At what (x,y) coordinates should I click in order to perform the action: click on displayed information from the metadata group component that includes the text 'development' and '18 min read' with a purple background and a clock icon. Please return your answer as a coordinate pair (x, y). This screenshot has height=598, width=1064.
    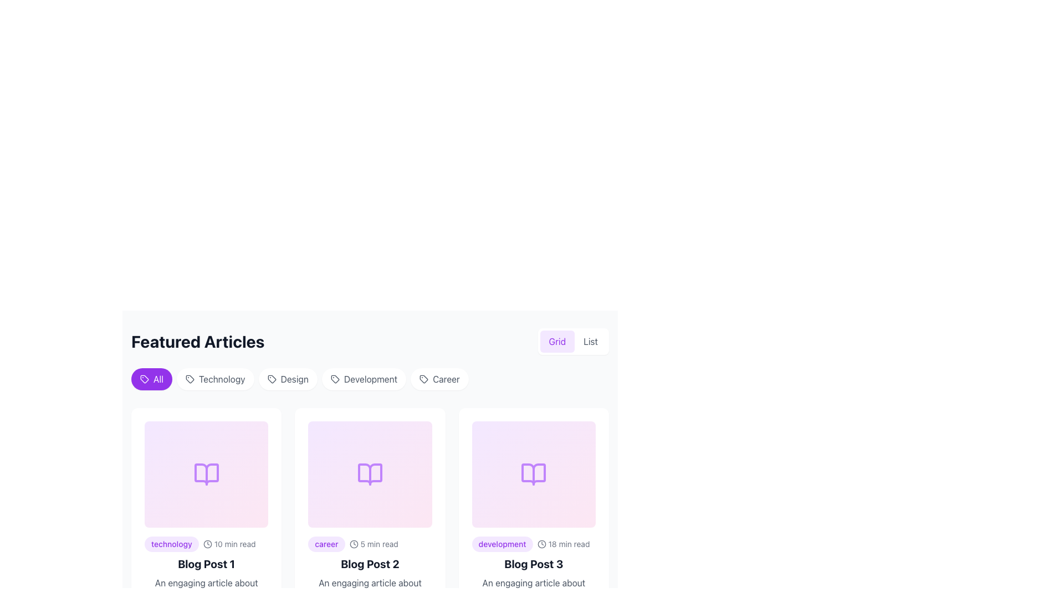
    Looking at the image, I should click on (534, 544).